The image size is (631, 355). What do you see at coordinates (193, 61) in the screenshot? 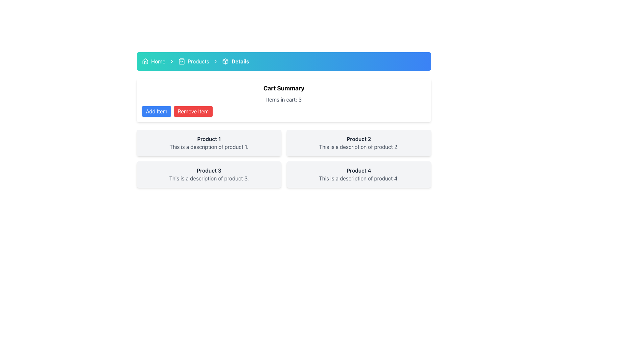
I see `the 'Products' breadcrumb segment, which is the second item in the breadcrumb navigation bar between 'Home' and 'Details'` at bounding box center [193, 61].